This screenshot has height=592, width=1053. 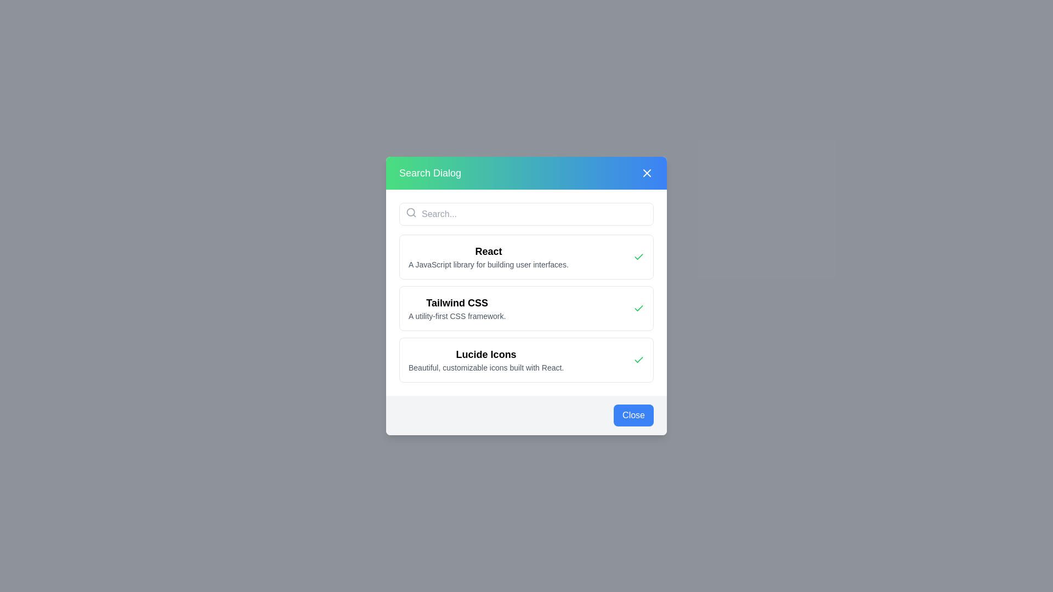 I want to click on the 'Search Dialog' Text Label, which serves as a title or header at the top-left portion of the interface, so click(x=429, y=173).